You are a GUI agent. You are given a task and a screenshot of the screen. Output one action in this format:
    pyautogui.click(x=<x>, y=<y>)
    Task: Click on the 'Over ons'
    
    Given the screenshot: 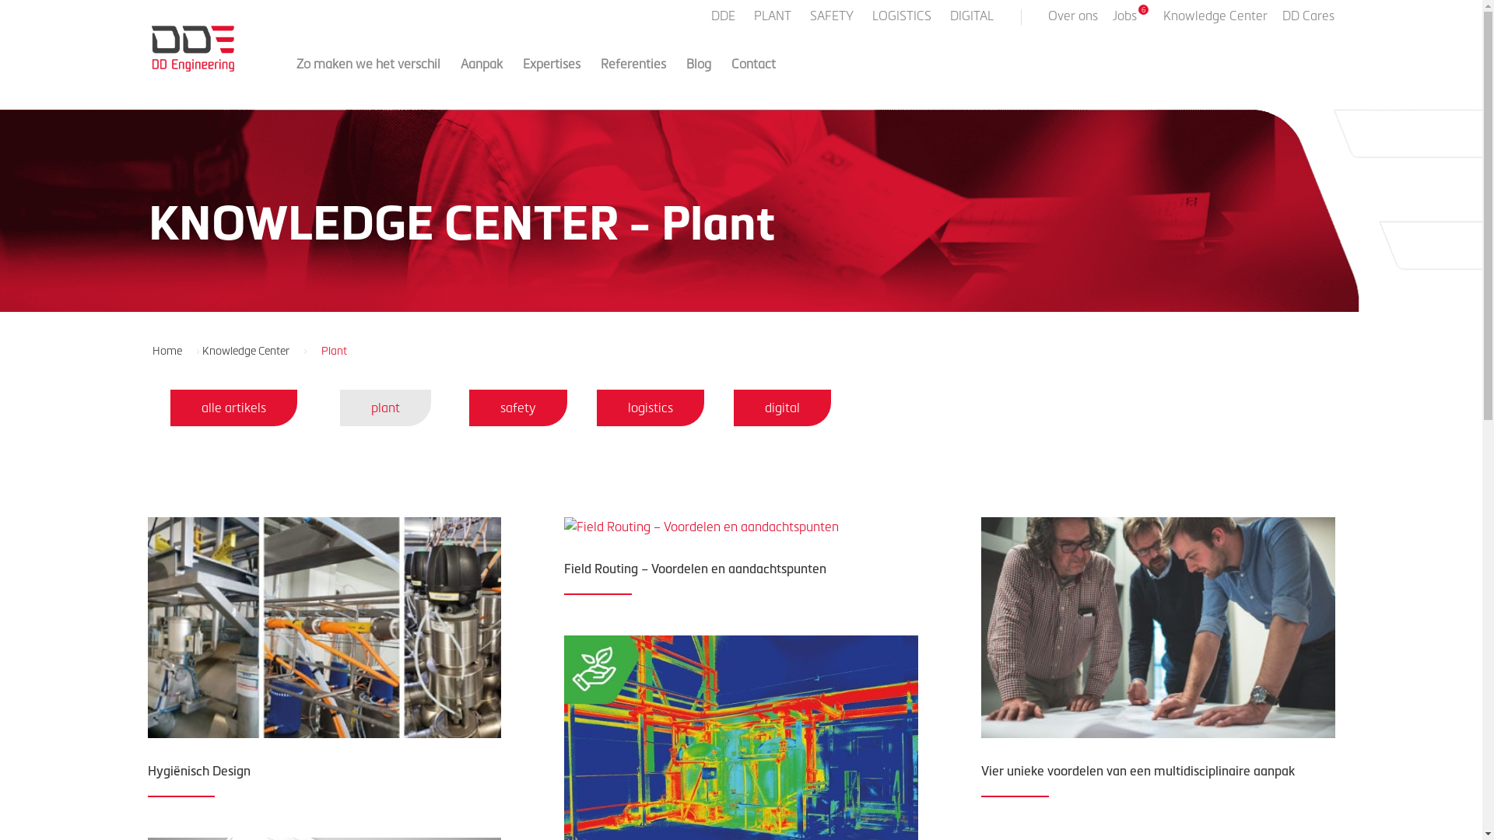 What is the action you would take?
    pyautogui.click(x=1071, y=20)
    